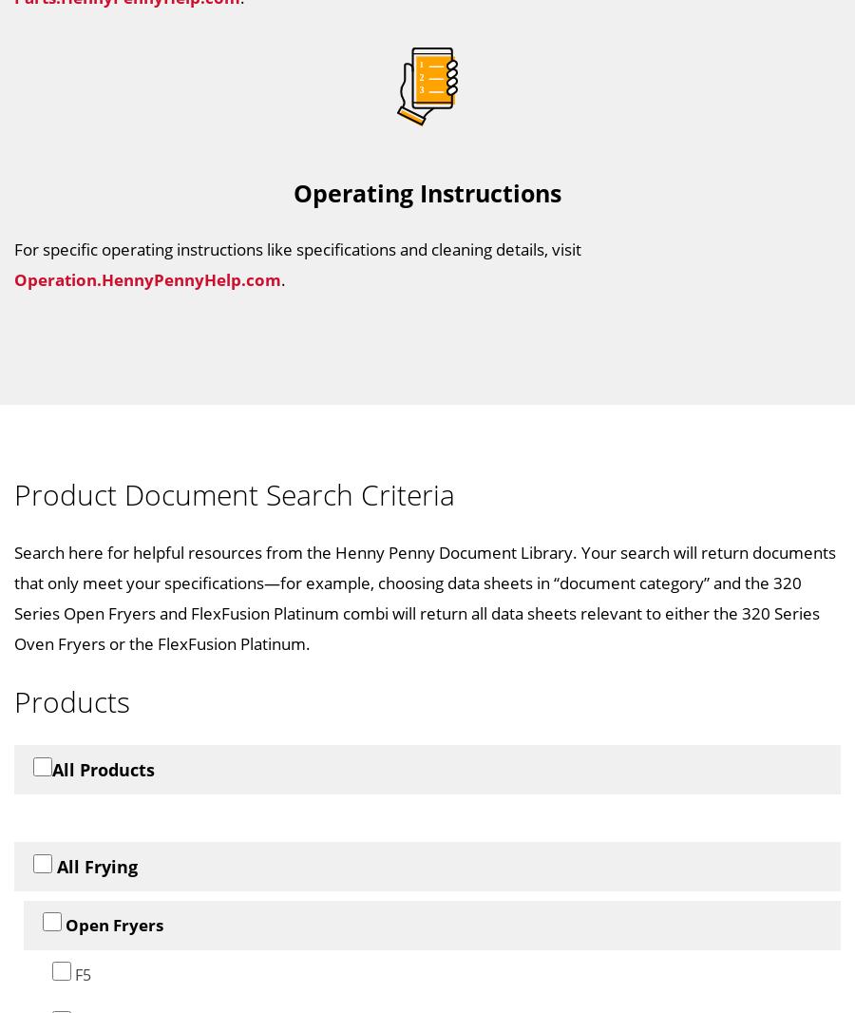 The height and width of the screenshot is (1013, 855). Describe the element at coordinates (102, 768) in the screenshot. I see `'All Products'` at that location.